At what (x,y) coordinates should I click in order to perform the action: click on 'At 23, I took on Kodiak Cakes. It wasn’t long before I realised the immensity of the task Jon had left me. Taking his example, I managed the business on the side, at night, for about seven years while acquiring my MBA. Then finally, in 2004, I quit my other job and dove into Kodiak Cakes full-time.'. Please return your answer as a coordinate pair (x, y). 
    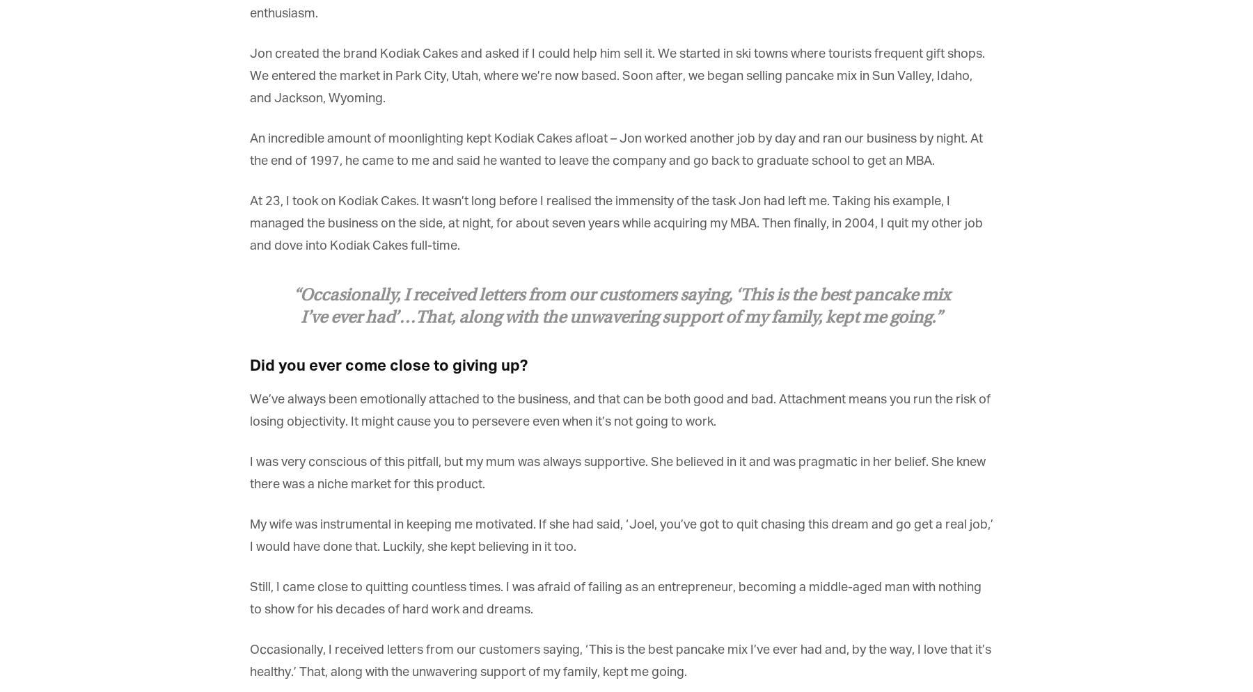
    Looking at the image, I should click on (249, 223).